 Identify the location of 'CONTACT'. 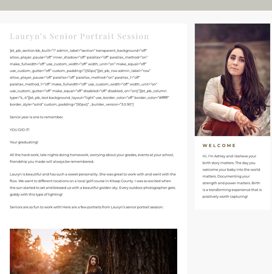
(208, 5).